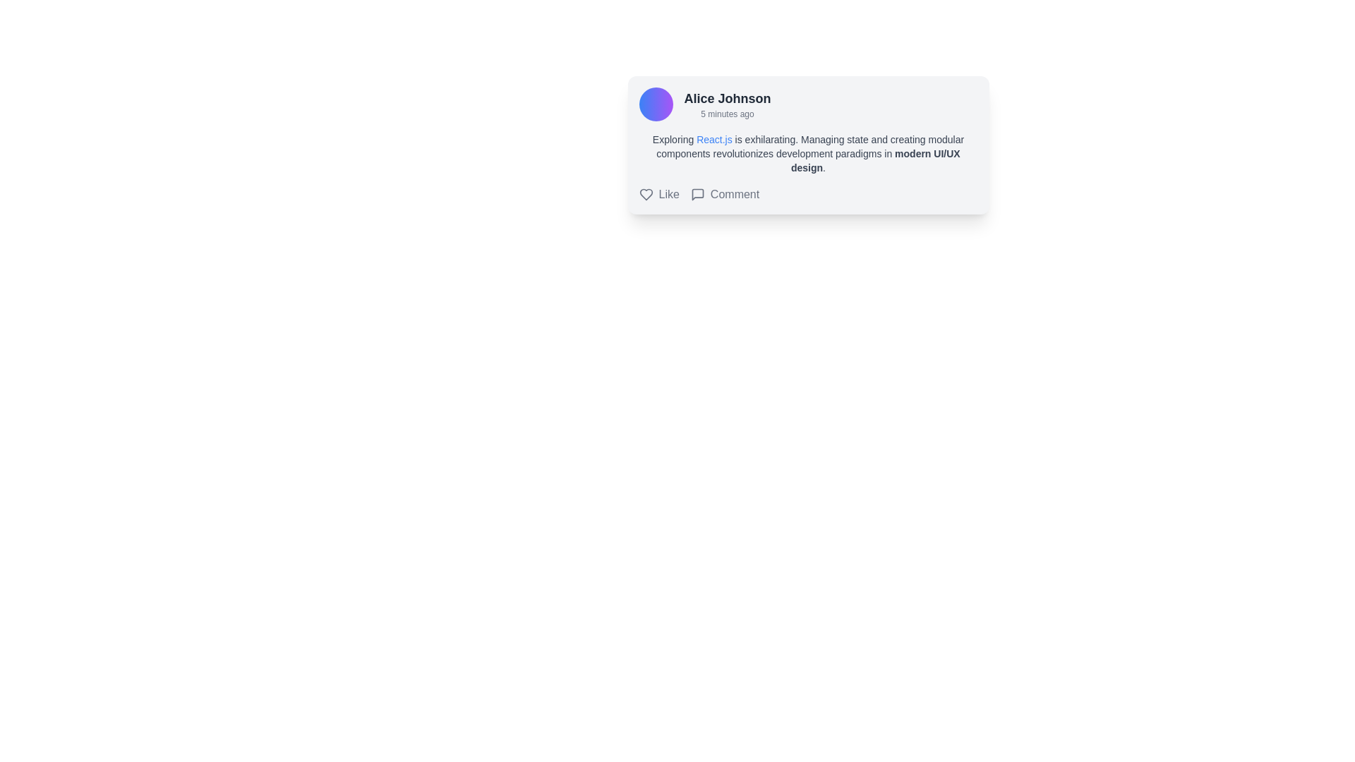  I want to click on the descriptive text block about React.js in the information card for Alice Johnson, which is centrally located below the header and above the Like and Comment buttons, so click(808, 154).